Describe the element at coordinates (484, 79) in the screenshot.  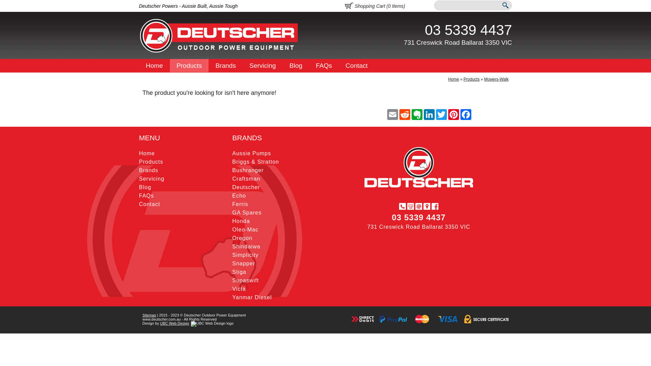
I see `'Mowers-Walk'` at that location.